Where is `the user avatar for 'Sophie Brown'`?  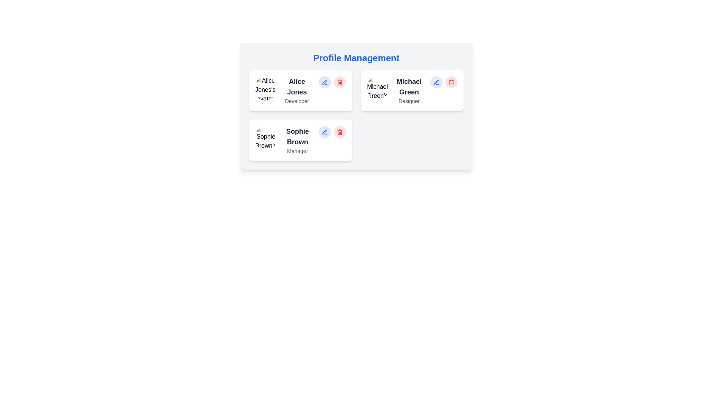
the user avatar for 'Sophie Brown' is located at coordinates (266, 138).